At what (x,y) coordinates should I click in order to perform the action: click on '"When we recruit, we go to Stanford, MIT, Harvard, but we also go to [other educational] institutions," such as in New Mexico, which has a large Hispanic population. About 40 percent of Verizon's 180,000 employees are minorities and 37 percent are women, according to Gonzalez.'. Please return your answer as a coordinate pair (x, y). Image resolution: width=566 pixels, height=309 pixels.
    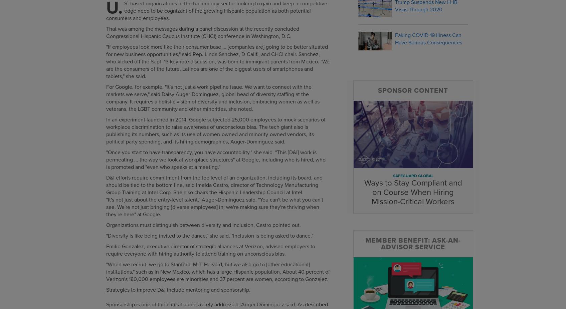
    Looking at the image, I should click on (218, 272).